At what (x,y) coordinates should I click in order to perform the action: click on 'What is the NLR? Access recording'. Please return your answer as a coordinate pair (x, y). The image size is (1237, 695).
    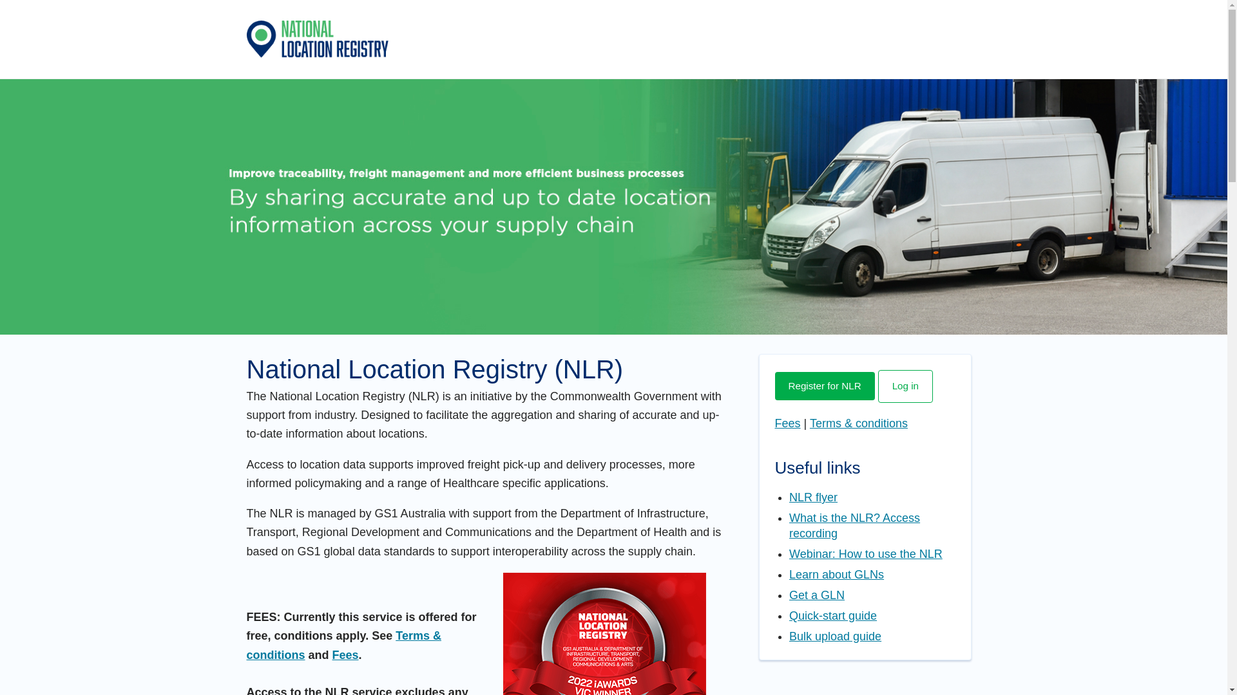
    Looking at the image, I should click on (854, 526).